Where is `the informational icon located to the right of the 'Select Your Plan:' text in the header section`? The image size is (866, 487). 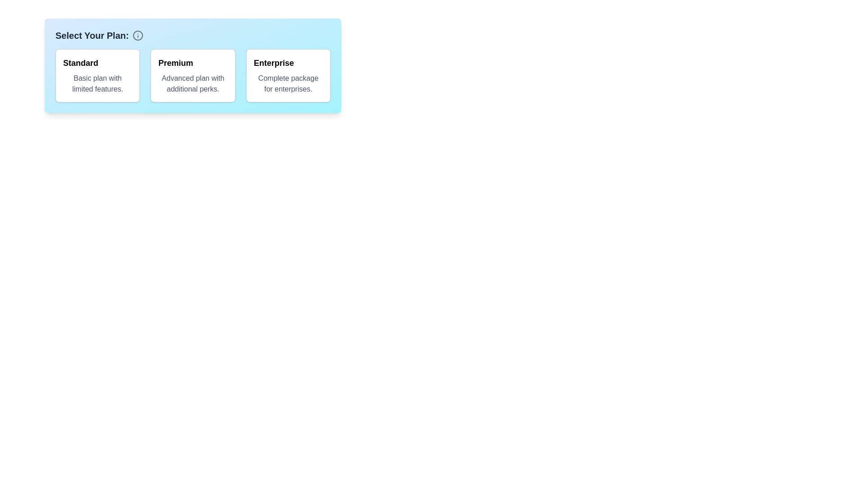
the informational icon located to the right of the 'Select Your Plan:' text in the header section is located at coordinates (137, 35).